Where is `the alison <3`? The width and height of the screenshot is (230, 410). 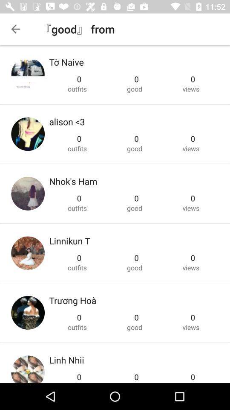 the alison <3 is located at coordinates (66, 121).